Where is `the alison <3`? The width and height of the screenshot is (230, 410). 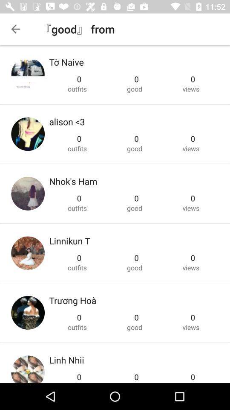 the alison <3 is located at coordinates (66, 121).